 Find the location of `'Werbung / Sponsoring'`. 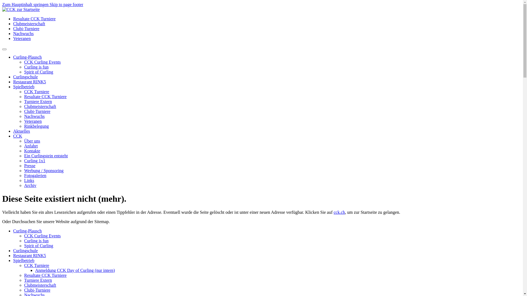

'Werbung / Sponsoring' is located at coordinates (43, 170).